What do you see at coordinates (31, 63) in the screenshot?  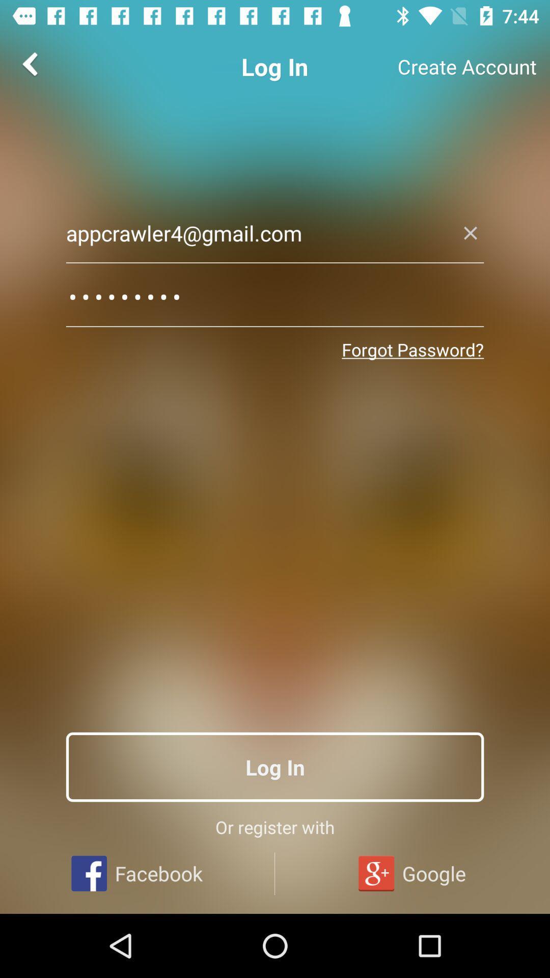 I see `the arrow_backward icon` at bounding box center [31, 63].